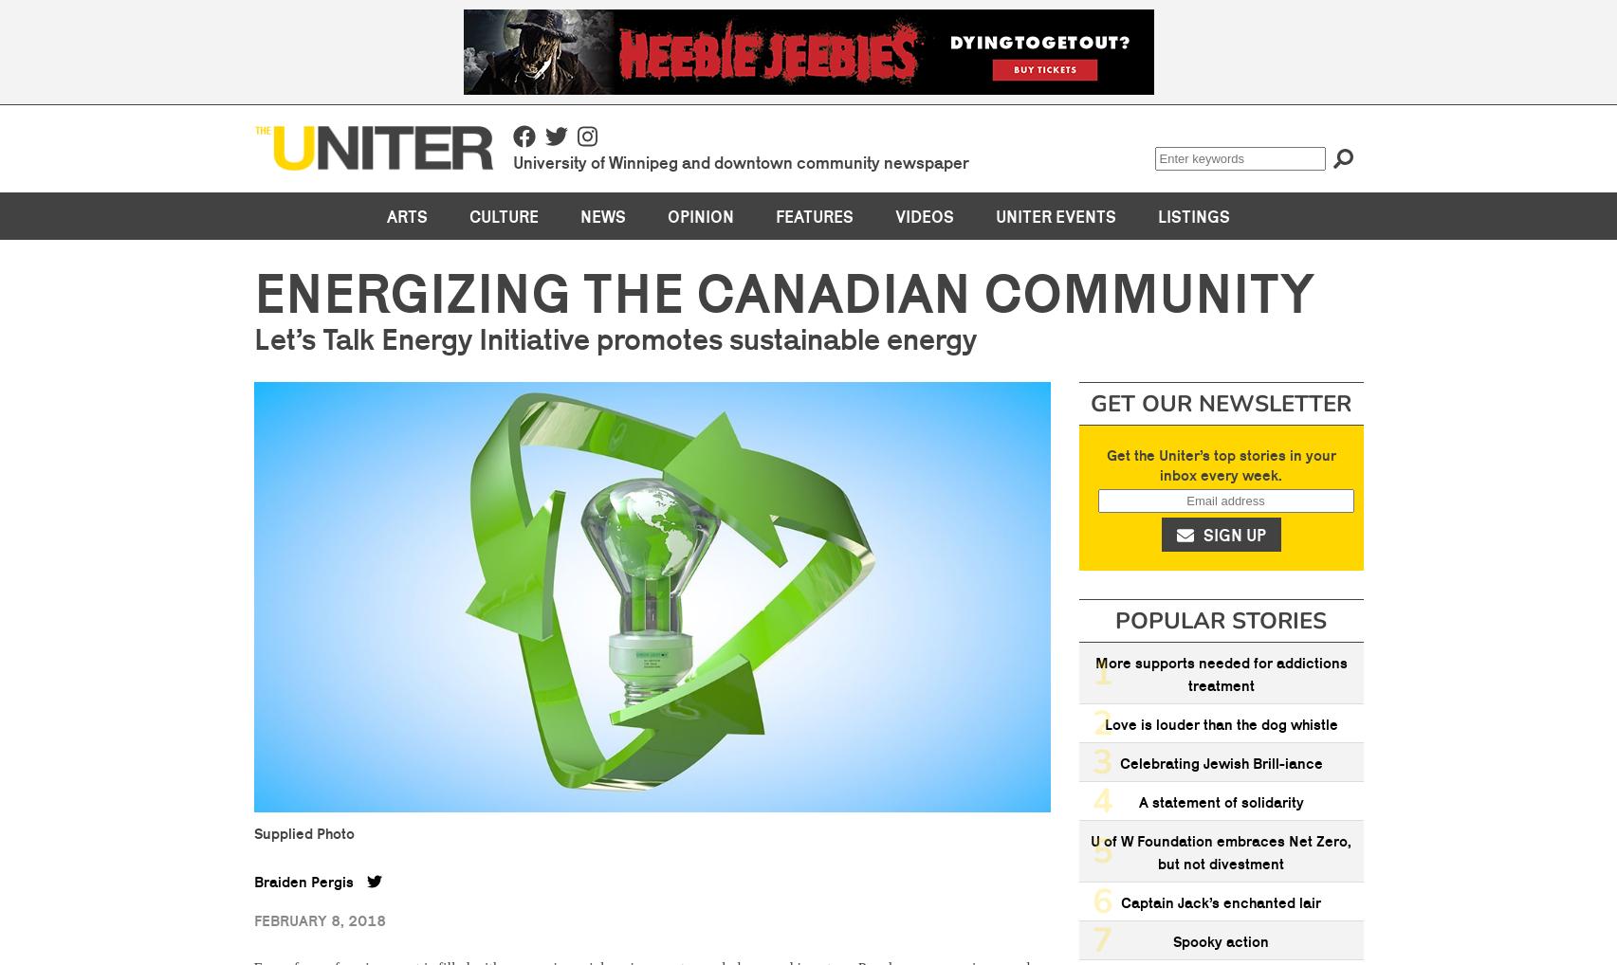  I want to click on 'Uniter Events', so click(1055, 214).